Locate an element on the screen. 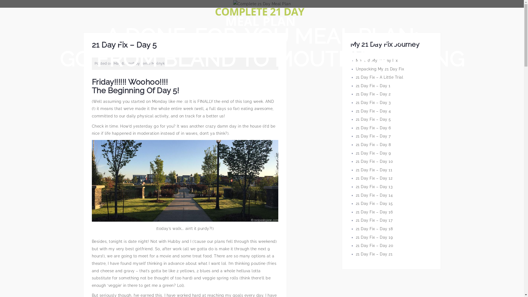 This screenshot has width=528, height=297. 'Jenni Melnyk' is located at coordinates (141, 63).